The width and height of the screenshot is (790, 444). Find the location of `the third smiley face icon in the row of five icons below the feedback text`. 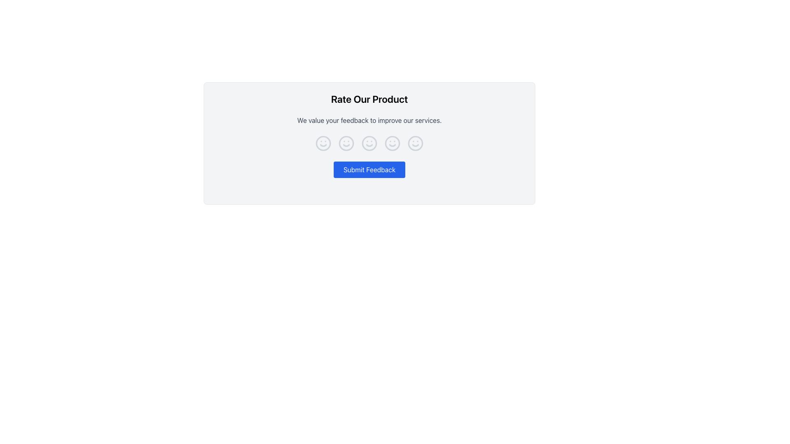

the third smiley face icon in the row of five icons below the feedback text is located at coordinates (369, 143).